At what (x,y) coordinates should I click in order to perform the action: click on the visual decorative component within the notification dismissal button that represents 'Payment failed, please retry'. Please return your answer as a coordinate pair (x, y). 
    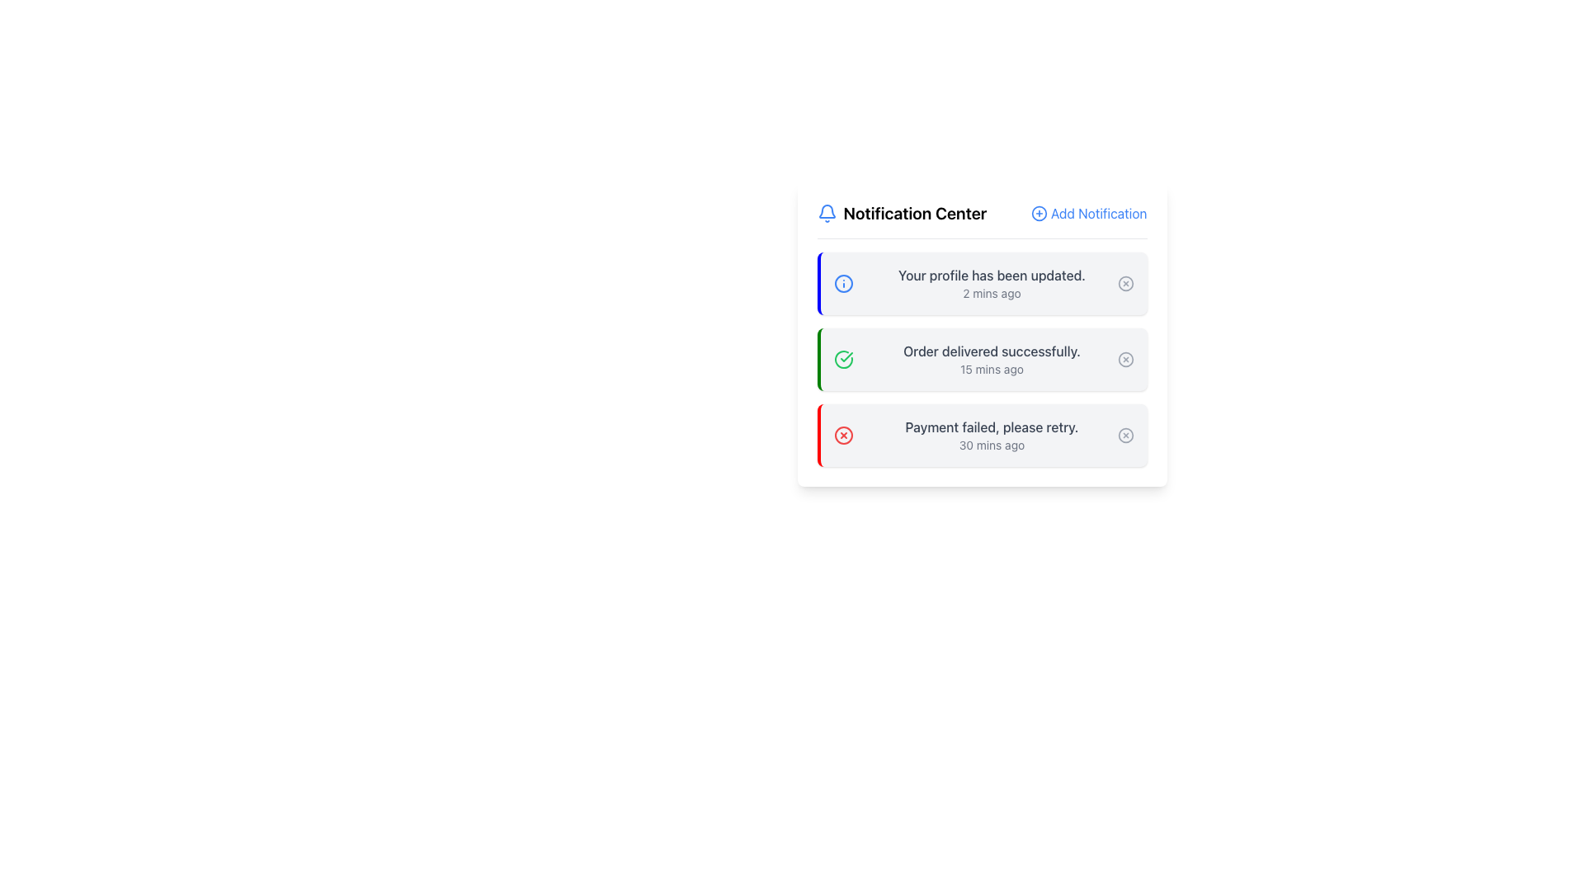
    Looking at the image, I should click on (1124, 435).